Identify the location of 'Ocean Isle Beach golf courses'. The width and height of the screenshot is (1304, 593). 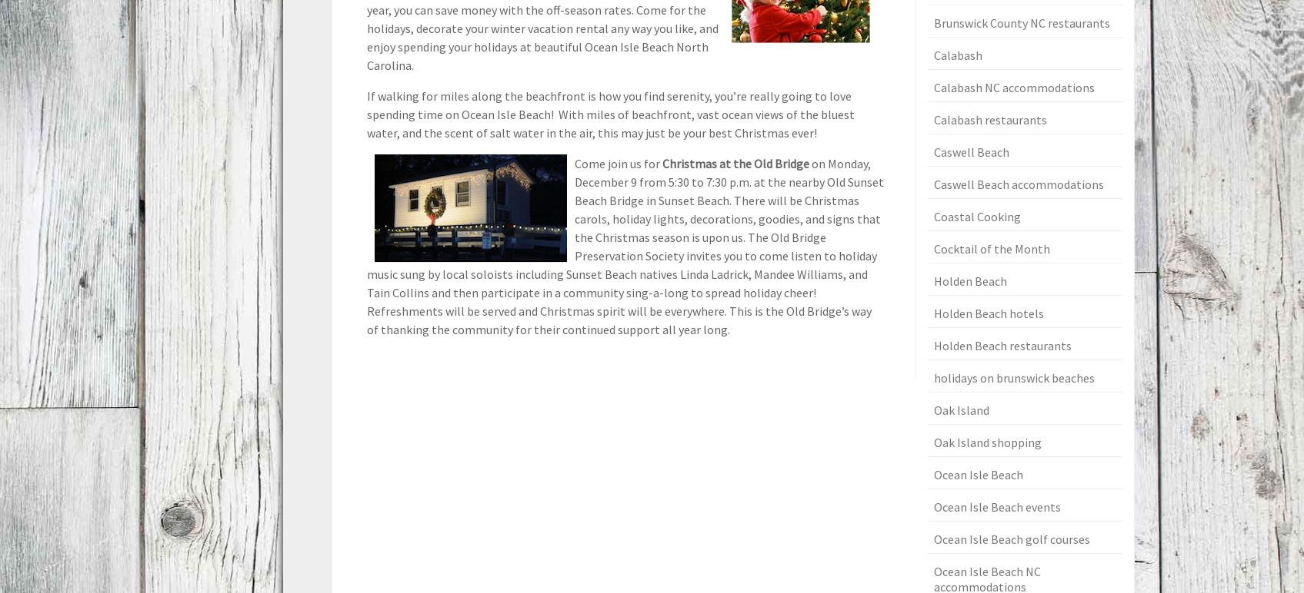
(1011, 537).